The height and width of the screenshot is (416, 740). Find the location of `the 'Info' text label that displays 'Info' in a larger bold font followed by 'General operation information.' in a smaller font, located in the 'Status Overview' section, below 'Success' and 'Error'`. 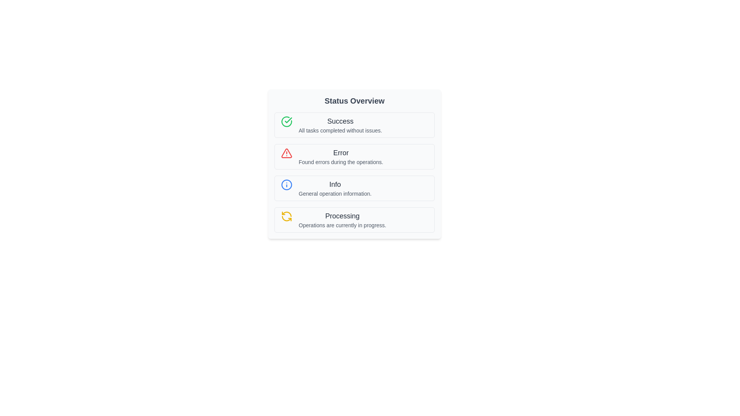

the 'Info' text label that displays 'Info' in a larger bold font followed by 'General operation information.' in a smaller font, located in the 'Status Overview' section, below 'Success' and 'Error' is located at coordinates (335, 188).